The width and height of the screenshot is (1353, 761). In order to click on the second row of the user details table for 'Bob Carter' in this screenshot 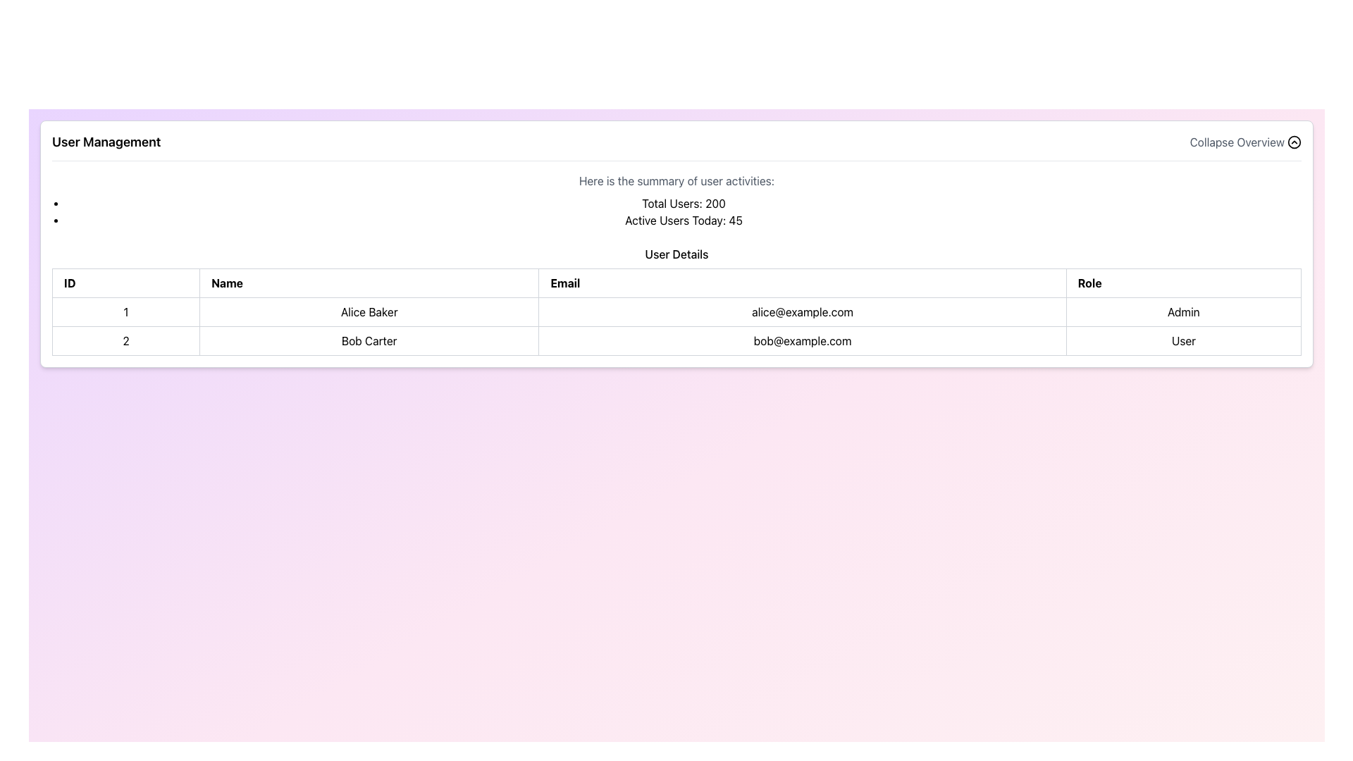, I will do `click(676, 340)`.